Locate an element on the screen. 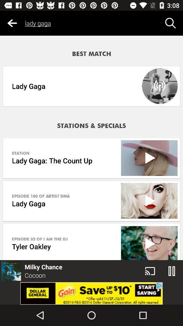  the arrow_backward icon is located at coordinates (12, 23).